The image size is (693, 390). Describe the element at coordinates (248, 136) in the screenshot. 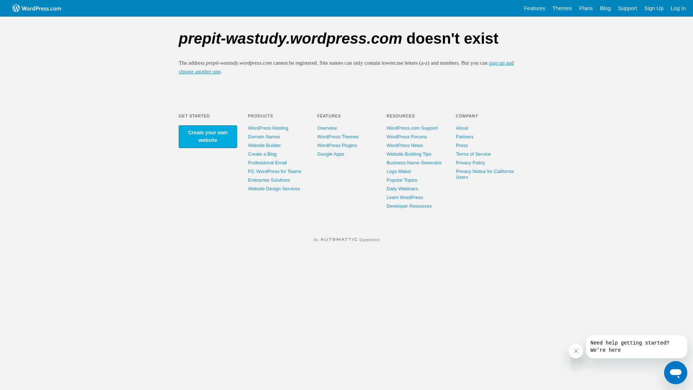

I see `'Domain Names'` at that location.